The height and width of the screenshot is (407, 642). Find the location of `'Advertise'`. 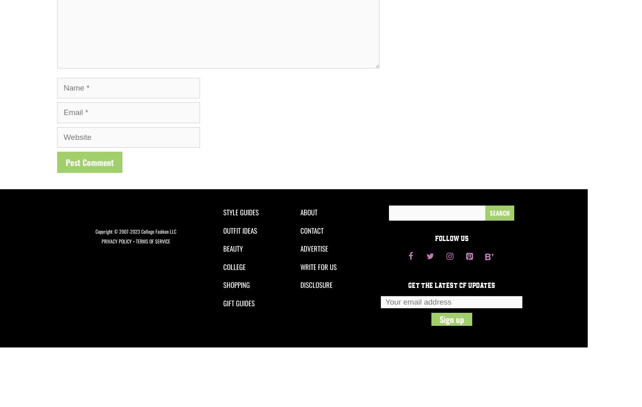

'Advertise' is located at coordinates (313, 248).